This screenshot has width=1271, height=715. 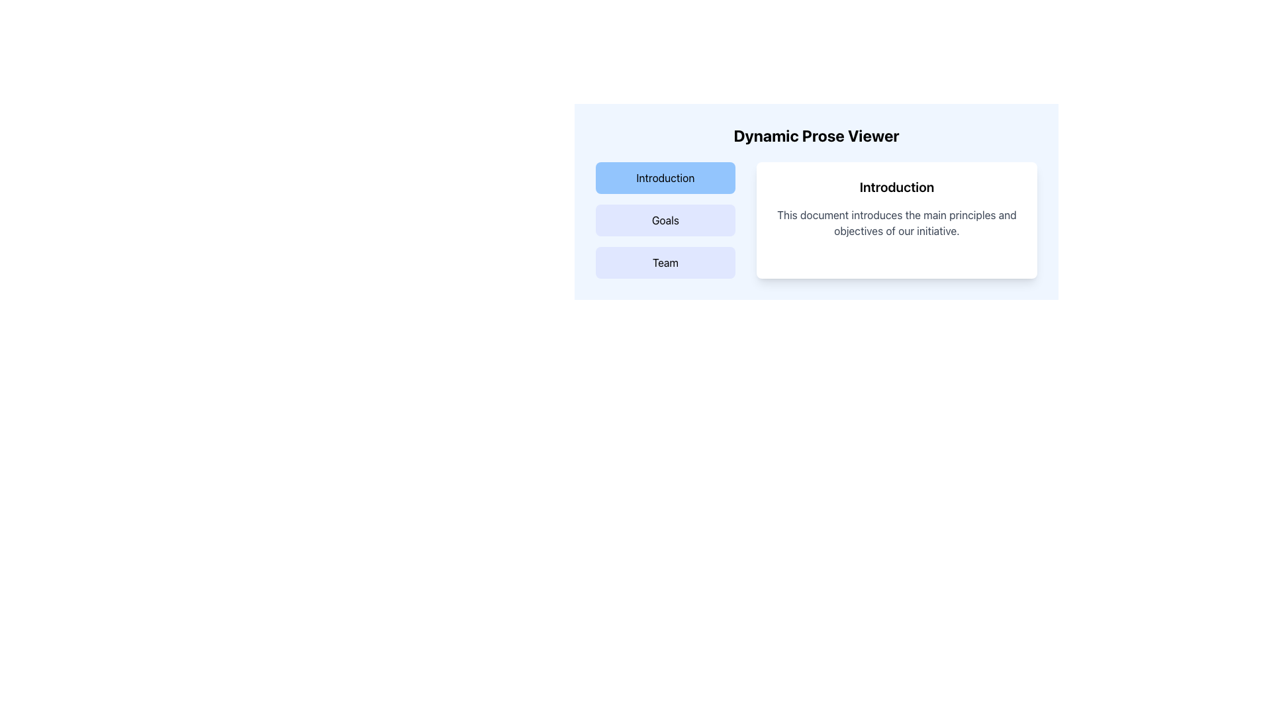 I want to click on the 'Goals' button, the middle button in a vertical stack of three buttons, so click(x=665, y=219).